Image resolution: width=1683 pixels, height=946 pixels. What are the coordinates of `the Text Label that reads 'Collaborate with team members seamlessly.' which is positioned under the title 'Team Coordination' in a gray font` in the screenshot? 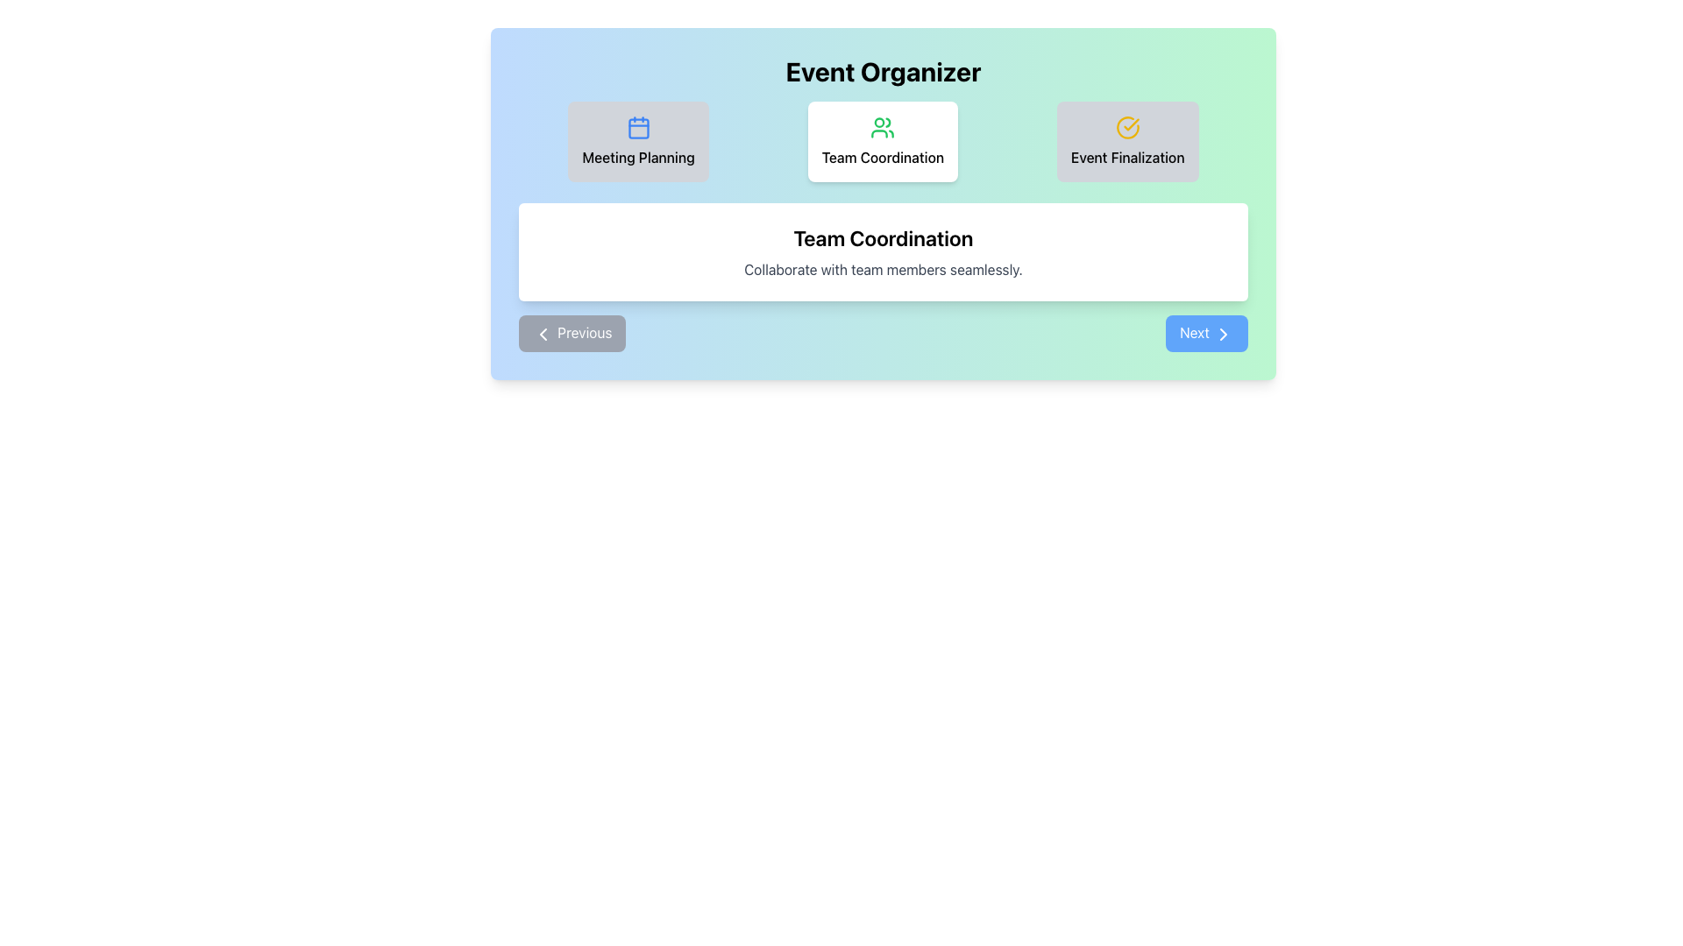 It's located at (884, 270).